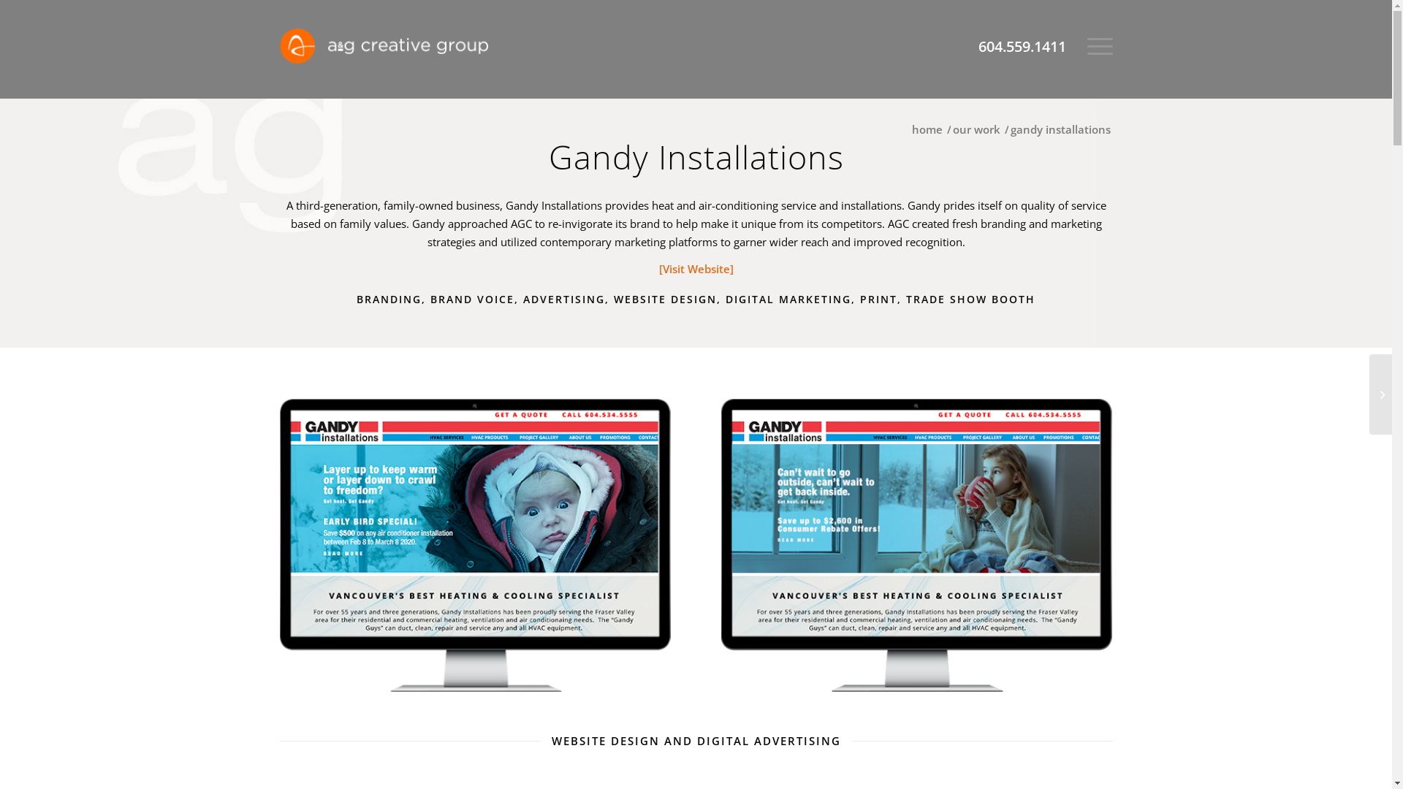 This screenshot has width=1403, height=789. Describe the element at coordinates (696, 268) in the screenshot. I see `'[Visit Website]'` at that location.